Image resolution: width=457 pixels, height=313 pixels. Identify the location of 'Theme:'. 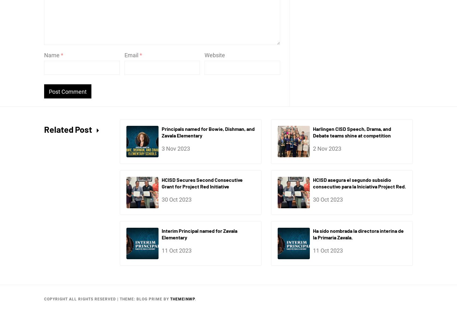
(128, 299).